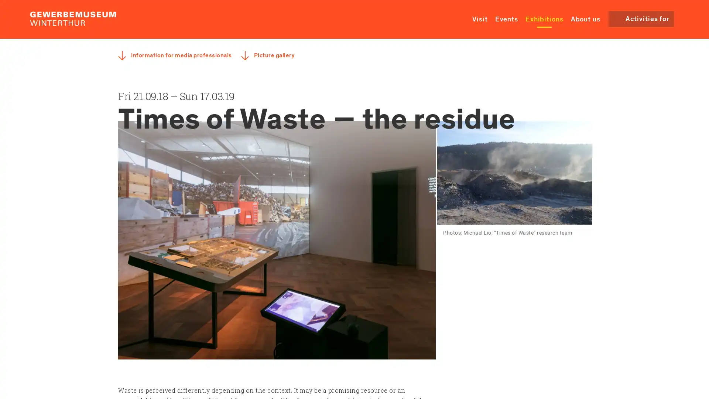  Describe the element at coordinates (641, 18) in the screenshot. I see `Activities for` at that location.